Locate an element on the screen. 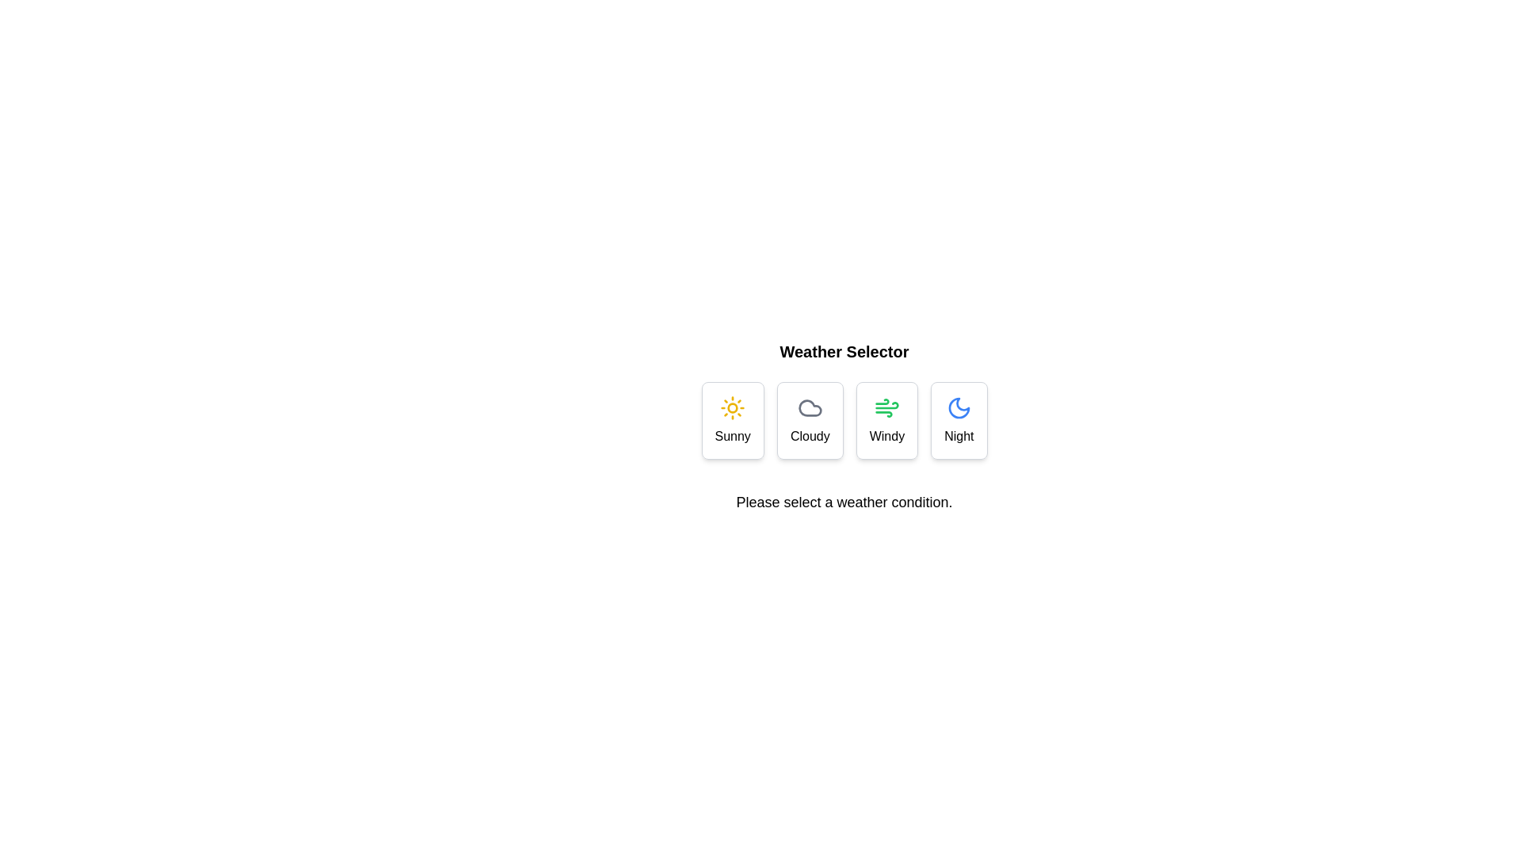  the 'Cloudy' button, which features a cloud icon and is styled with rounded borders and a light-colored background is located at coordinates (810, 420).